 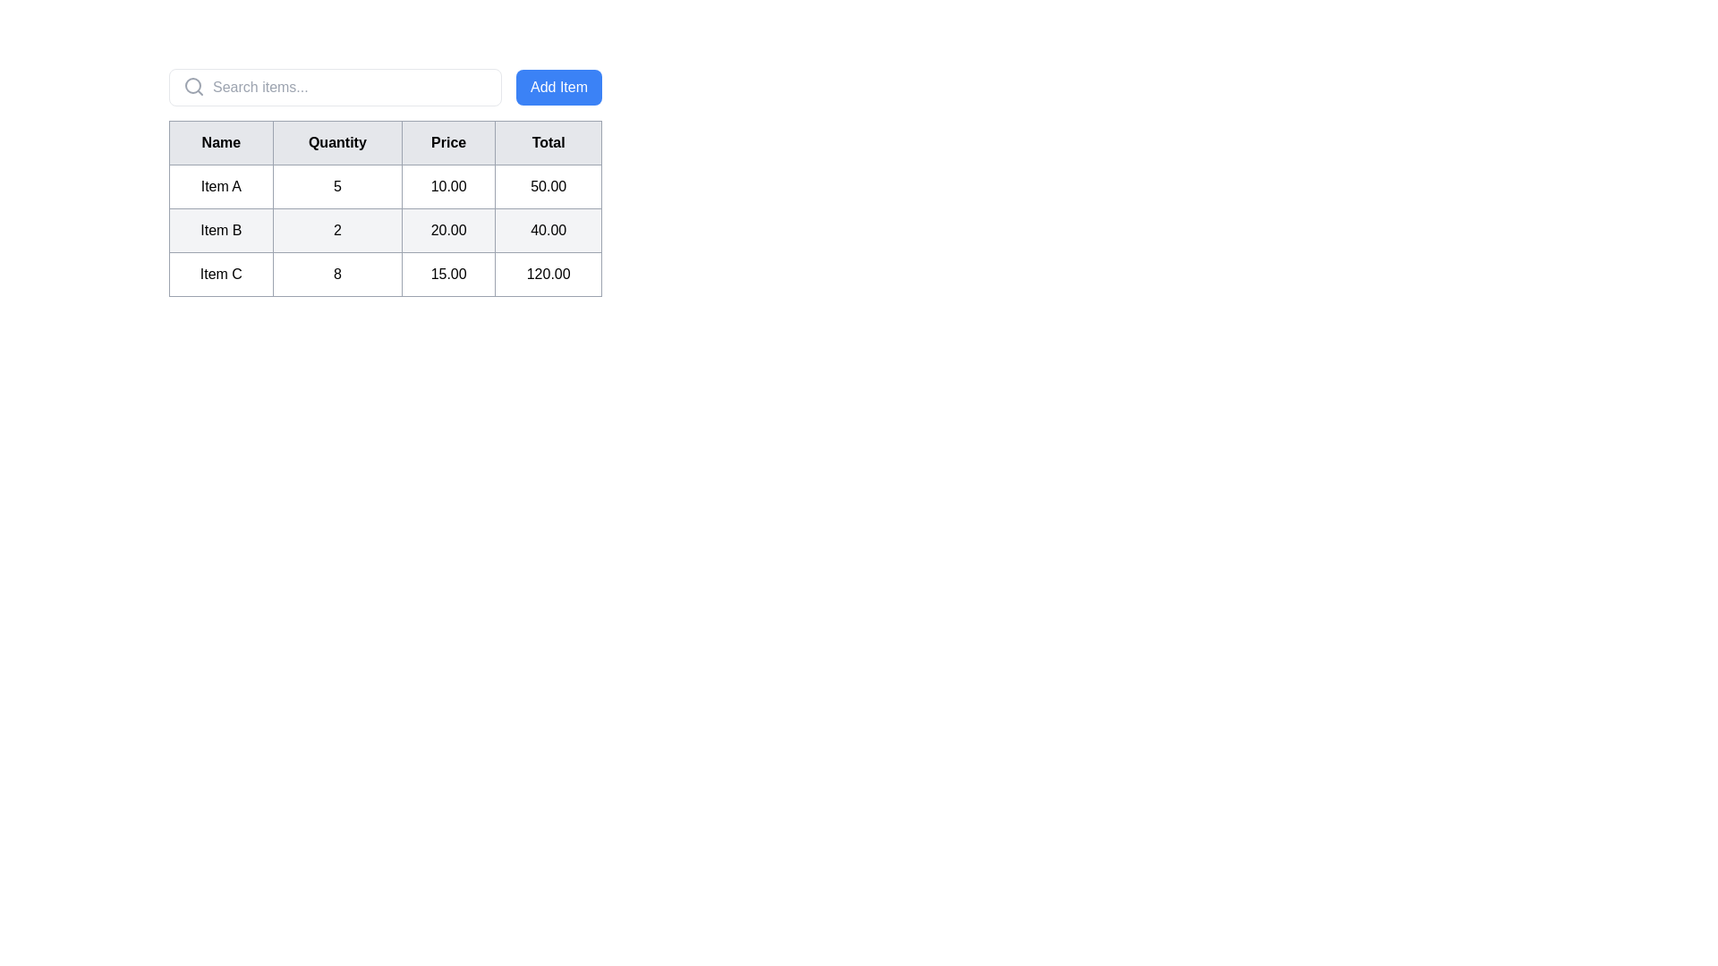 What do you see at coordinates (337, 230) in the screenshot?
I see `displayed content of the table cell showing the number '2' in the second column of the row labeled 'Item B'` at bounding box center [337, 230].